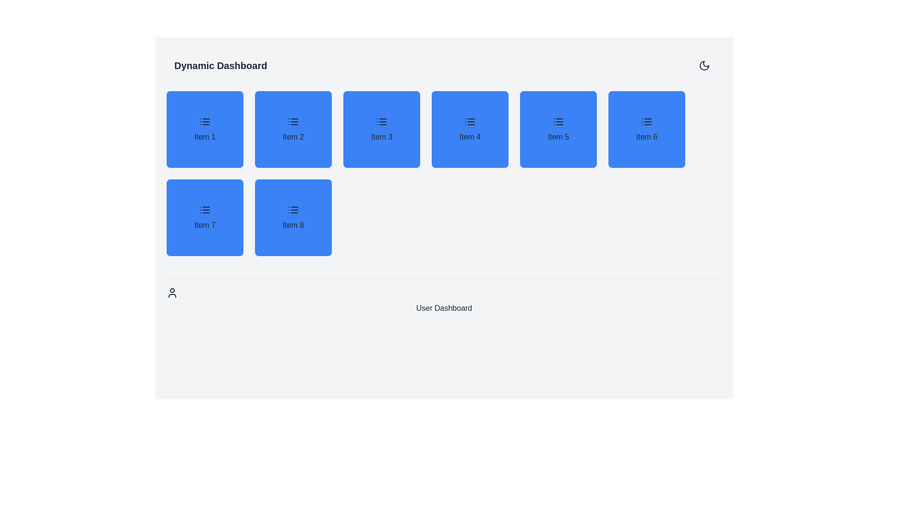 The image size is (922, 518). I want to click on text from the bold label displaying 'Dynamic Dashboard', which is prominently positioned at the top-left corner of the header section, so click(220, 65).